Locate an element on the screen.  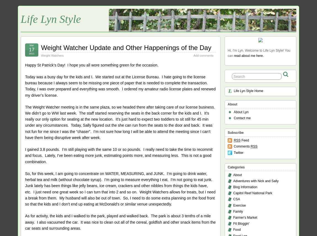
'Fit Bloggin'' is located at coordinates (241, 223).